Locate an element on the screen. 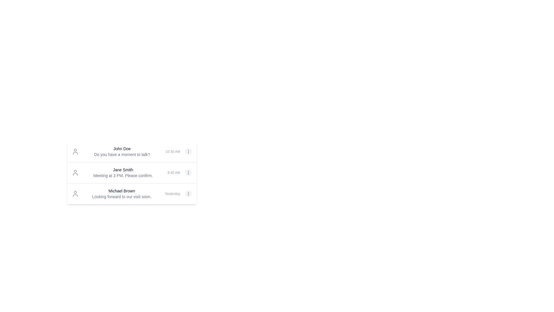  the ellipsis menu icon represented by three vertically aligned dots within a circular button, located in the third row of the list adjacent to the timestamp 'Yesterday' is located at coordinates (188, 194).